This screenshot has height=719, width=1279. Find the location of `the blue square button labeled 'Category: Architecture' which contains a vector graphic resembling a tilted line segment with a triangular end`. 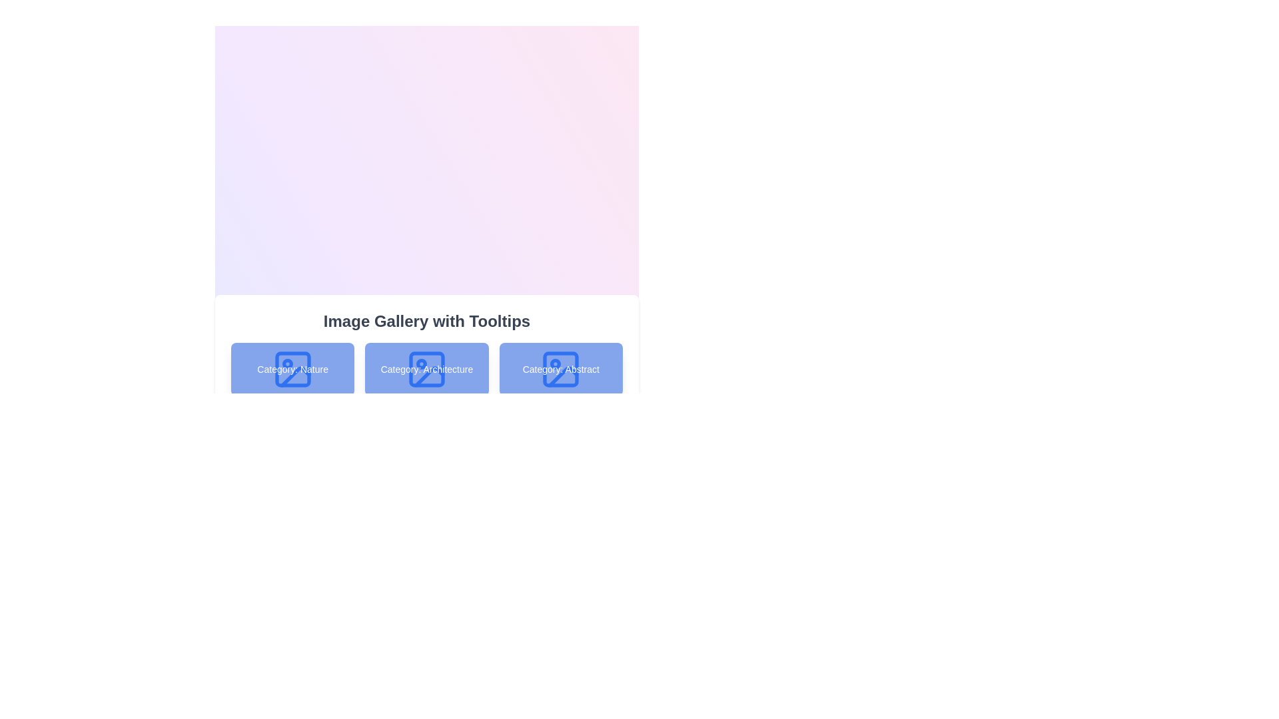

the blue square button labeled 'Category: Architecture' which contains a vector graphic resembling a tilted line segment with a triangular end is located at coordinates (429, 377).